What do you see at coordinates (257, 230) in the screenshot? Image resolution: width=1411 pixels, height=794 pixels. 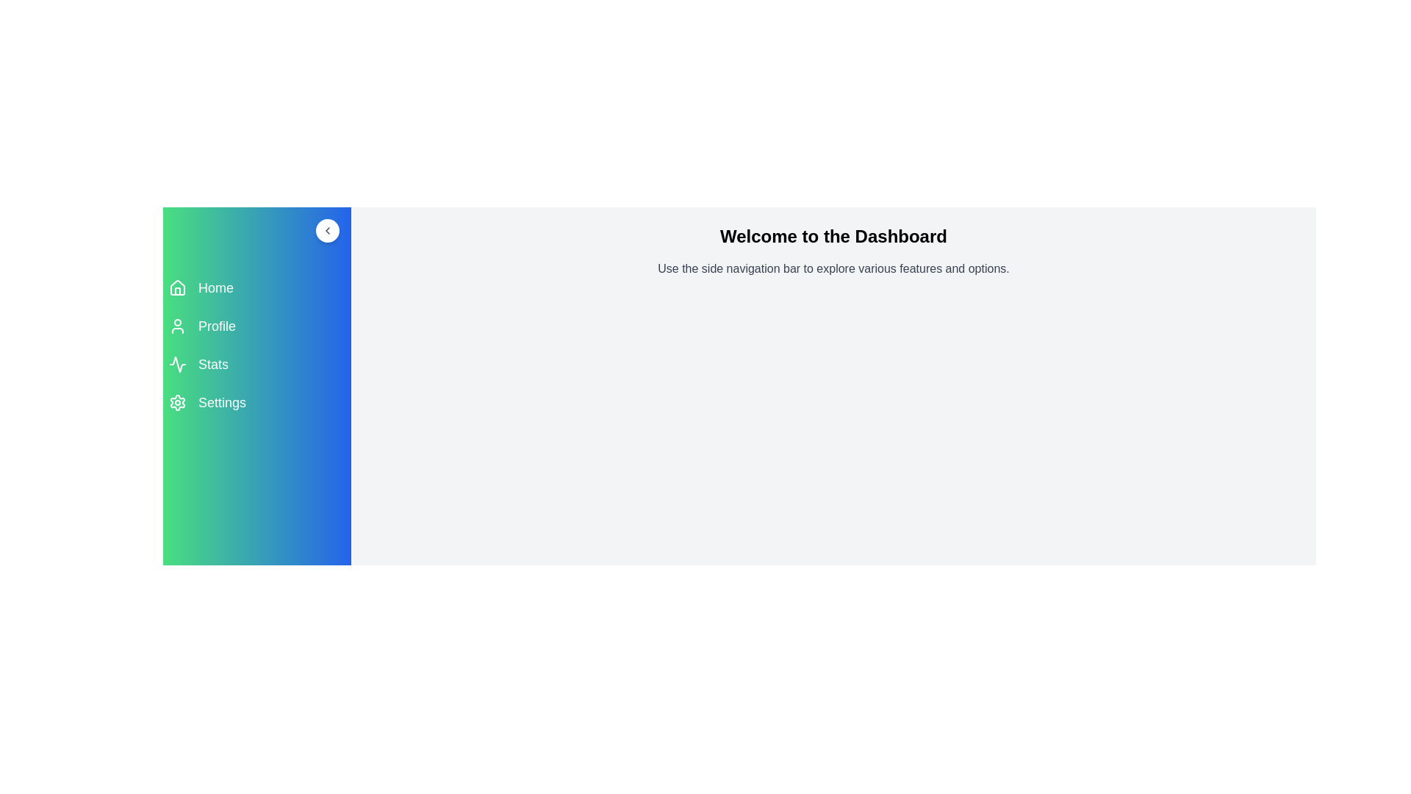 I see `the circular button with a chevron pointing left at the top of the sidebar` at bounding box center [257, 230].